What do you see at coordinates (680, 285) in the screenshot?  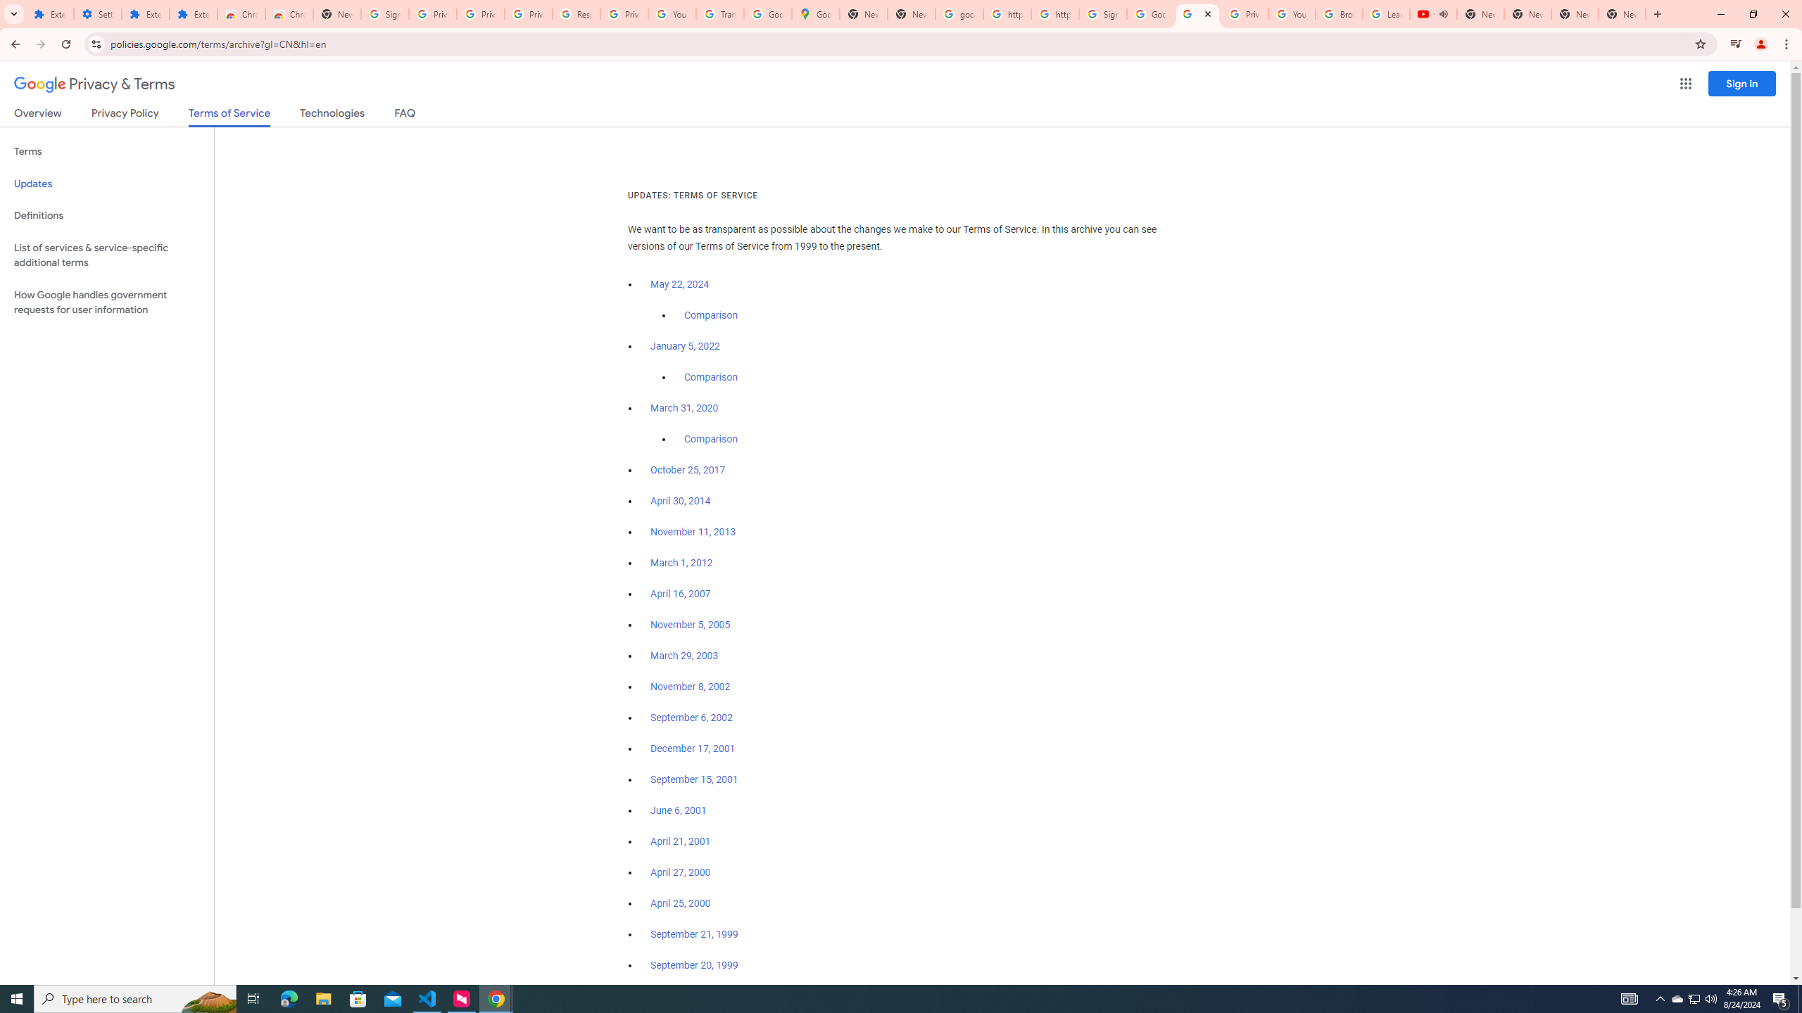 I see `'May 22, 2024'` at bounding box center [680, 285].